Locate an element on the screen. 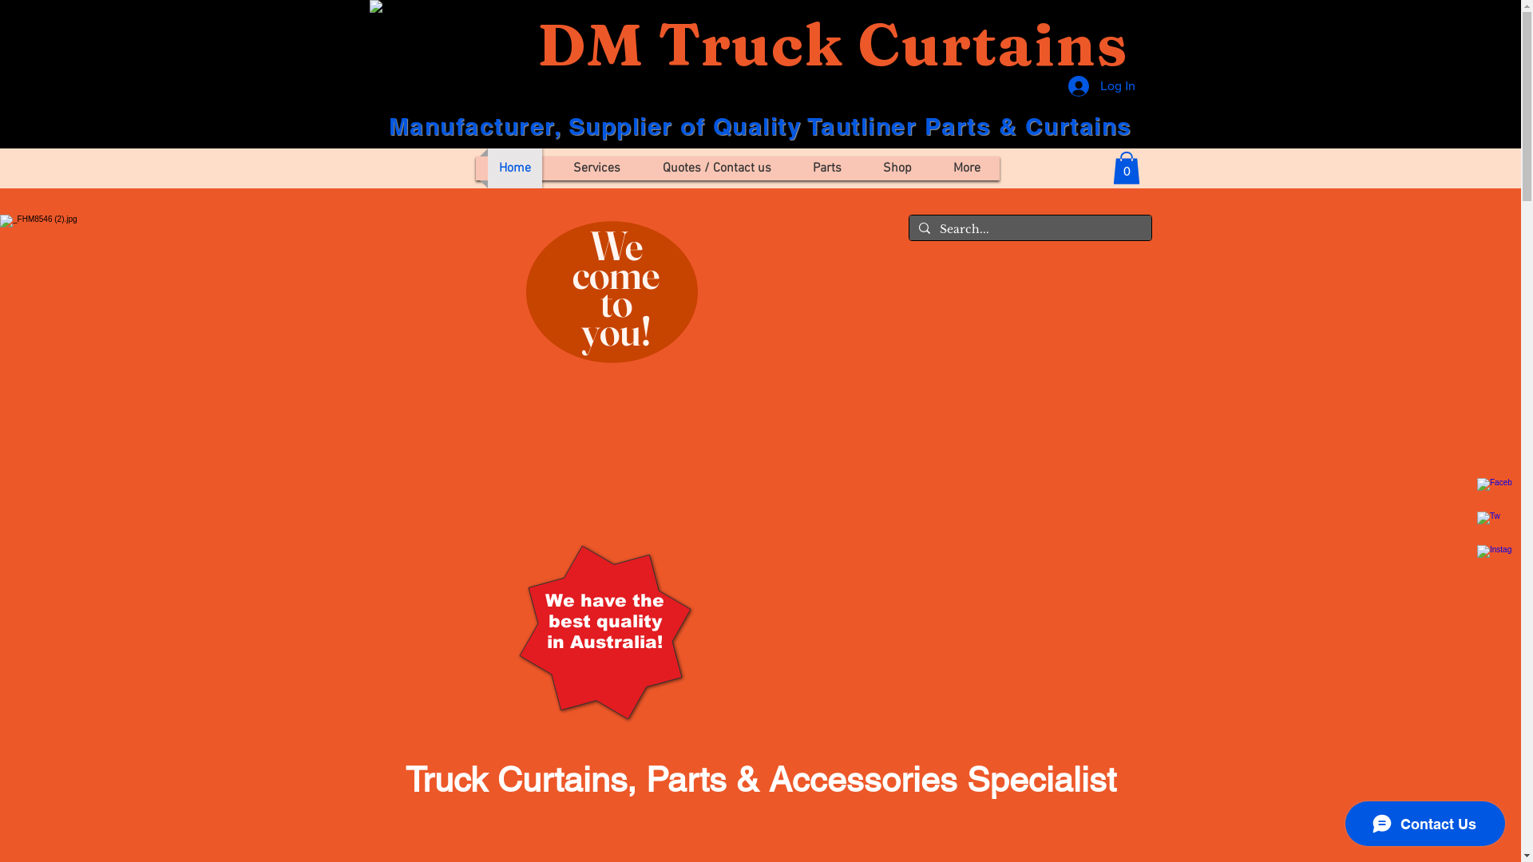 Image resolution: width=1533 pixels, height=862 pixels. 'Log In' is located at coordinates (1101, 86).